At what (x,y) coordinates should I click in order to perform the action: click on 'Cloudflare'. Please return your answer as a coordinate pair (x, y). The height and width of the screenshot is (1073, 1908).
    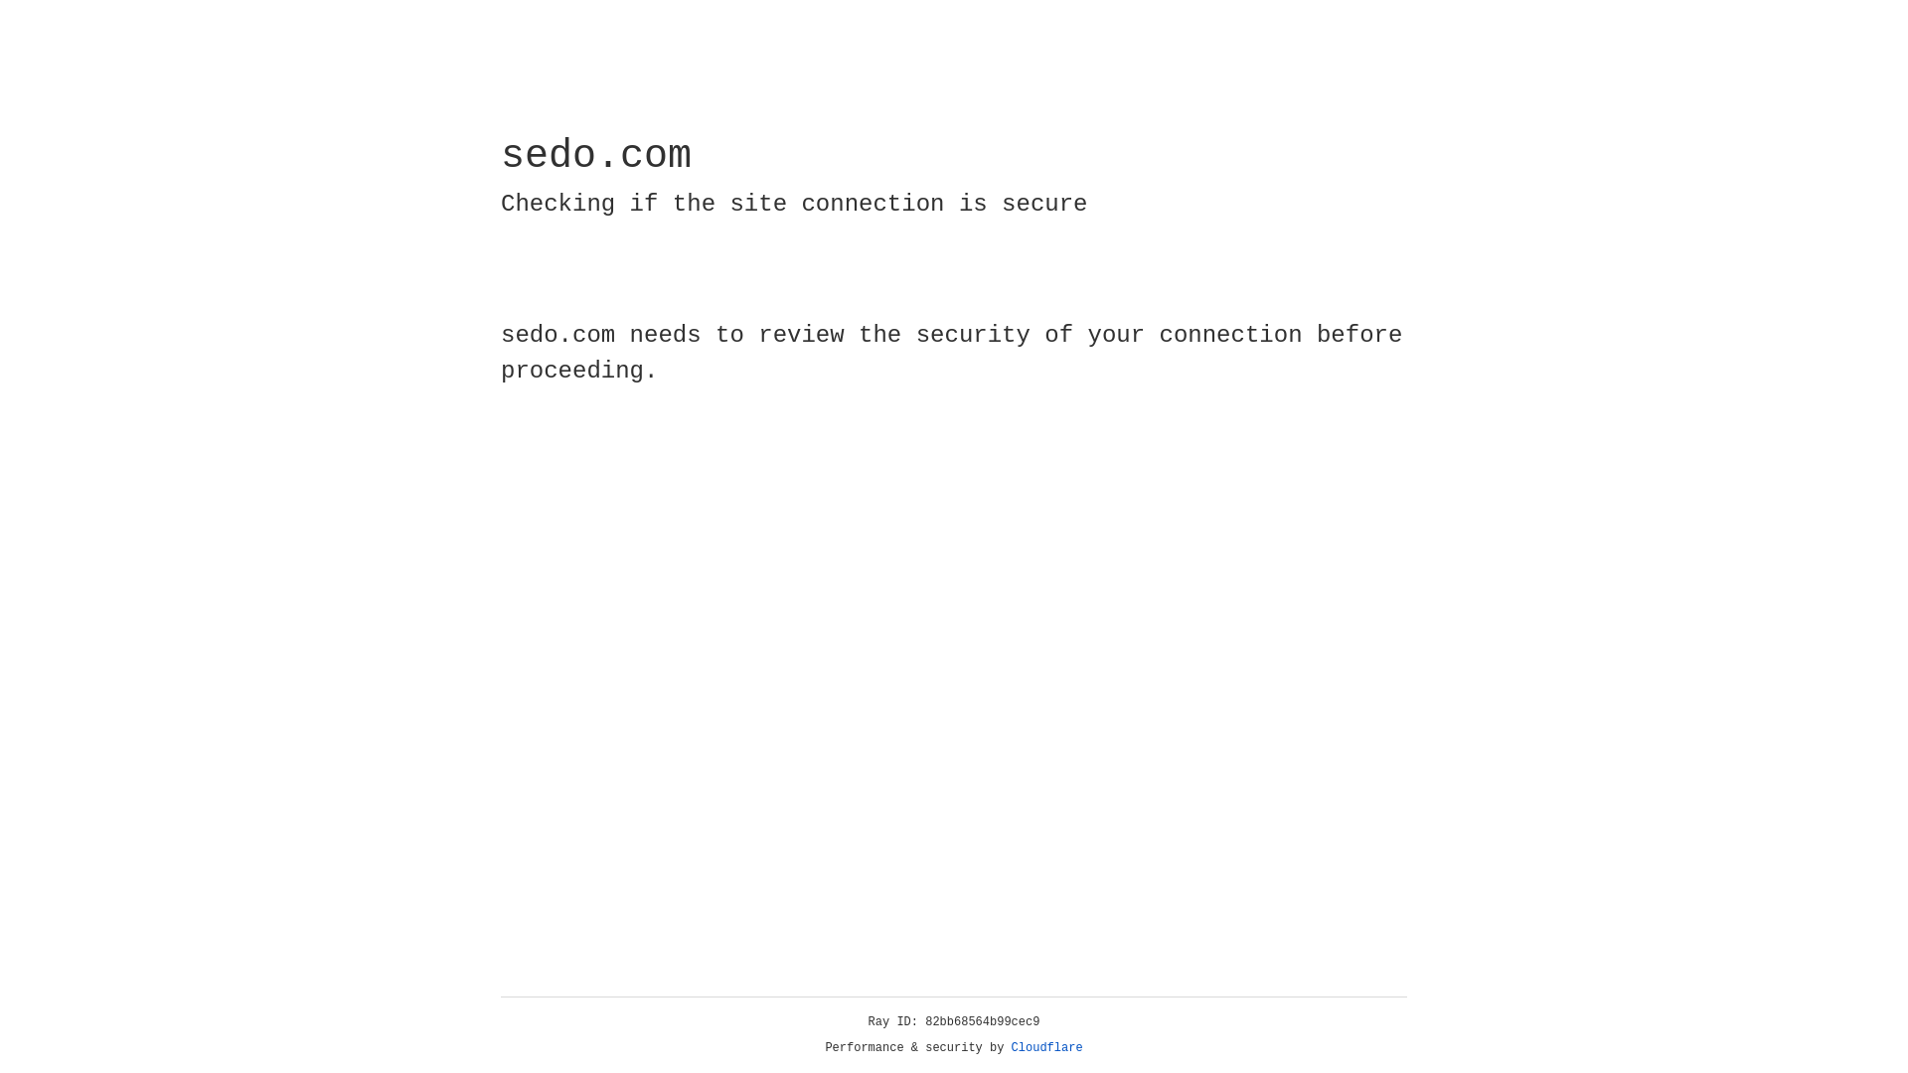
    Looking at the image, I should click on (1011, 1047).